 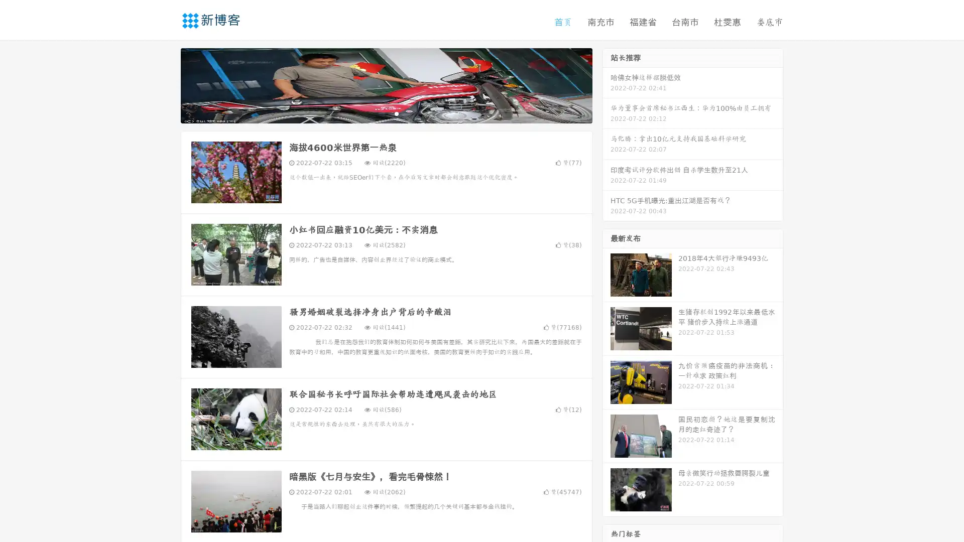 What do you see at coordinates (396, 113) in the screenshot?
I see `Go to slide 3` at bounding box center [396, 113].